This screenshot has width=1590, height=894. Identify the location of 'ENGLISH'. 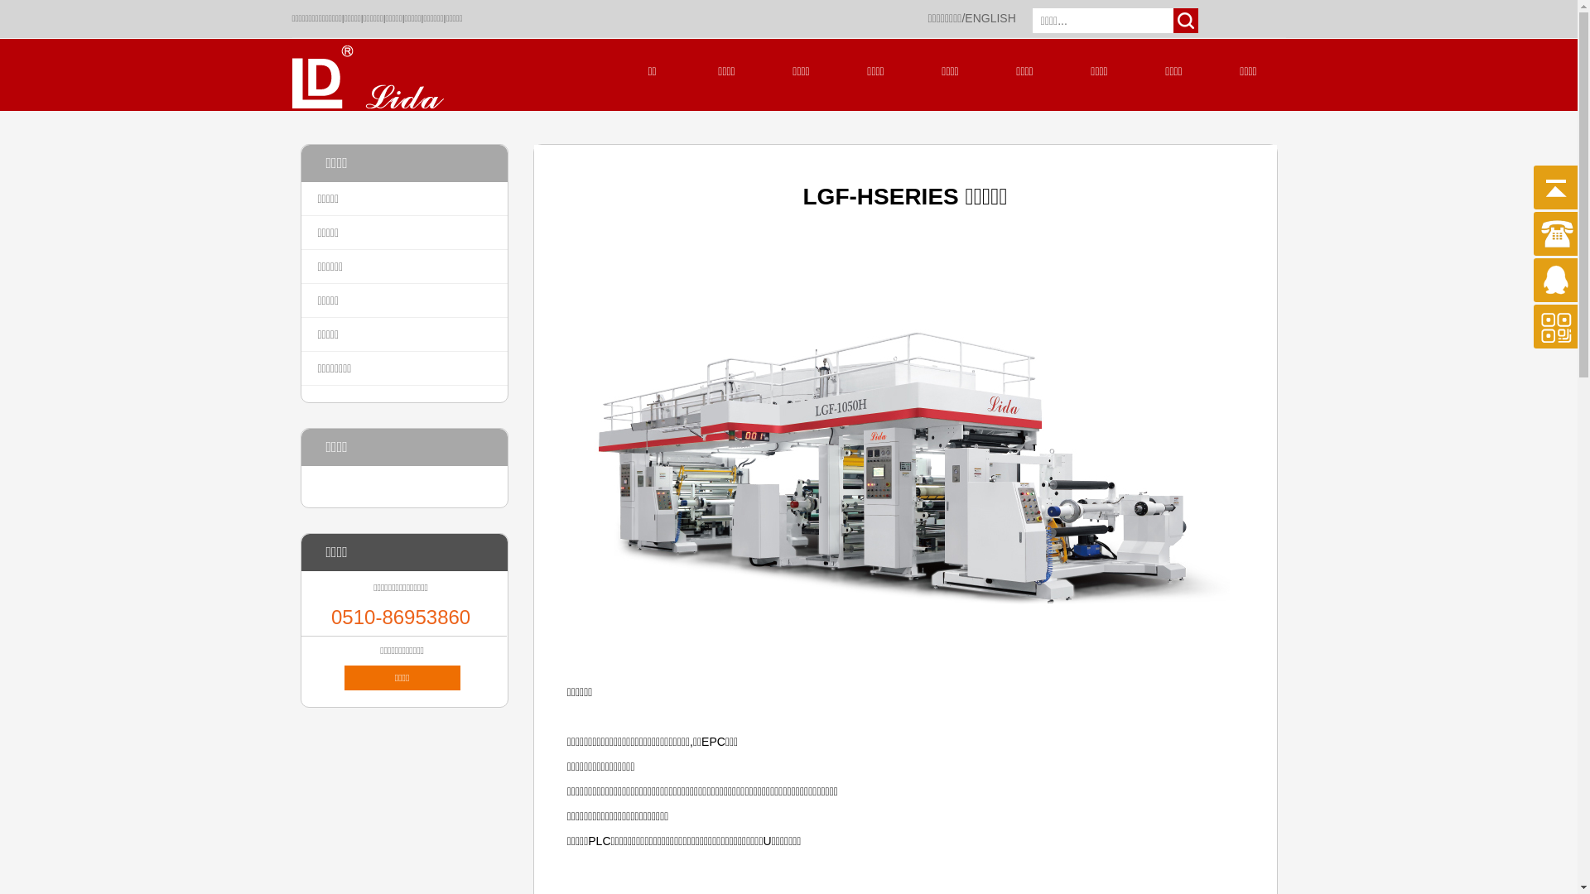
(990, 18).